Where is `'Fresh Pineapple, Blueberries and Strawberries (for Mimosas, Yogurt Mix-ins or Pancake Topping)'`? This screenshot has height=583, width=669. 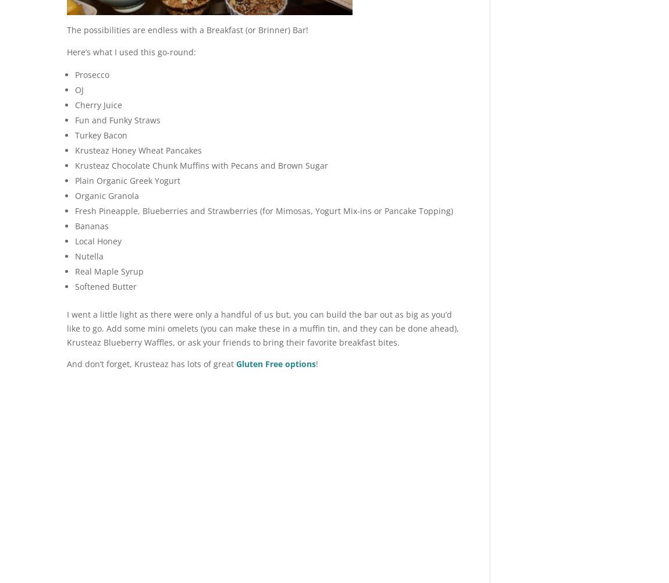
'Fresh Pineapple, Blueberries and Strawberries (for Mimosas, Yogurt Mix-ins or Pancake Topping)' is located at coordinates (264, 210).